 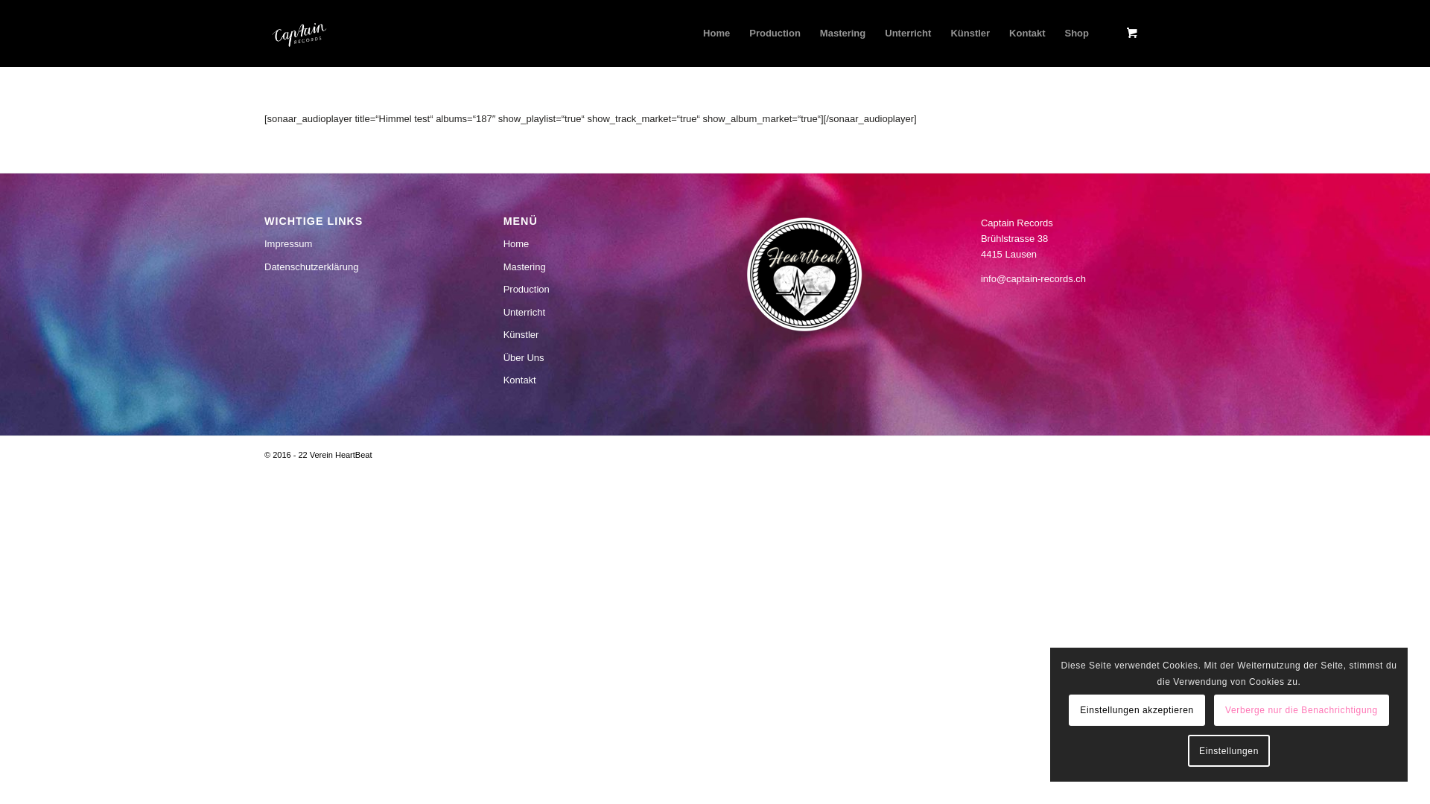 What do you see at coordinates (1186, 750) in the screenshot?
I see `'Einstellungen'` at bounding box center [1186, 750].